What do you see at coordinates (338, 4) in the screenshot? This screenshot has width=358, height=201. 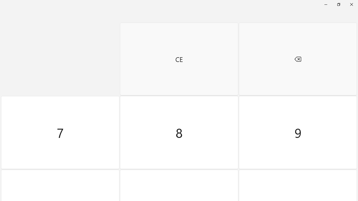 I see `'Restore Calculator'` at bounding box center [338, 4].